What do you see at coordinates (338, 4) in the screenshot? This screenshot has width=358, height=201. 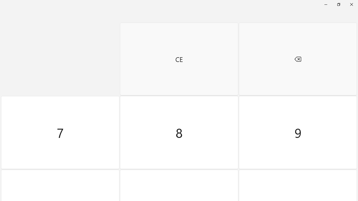 I see `'Restore Calculator'` at bounding box center [338, 4].